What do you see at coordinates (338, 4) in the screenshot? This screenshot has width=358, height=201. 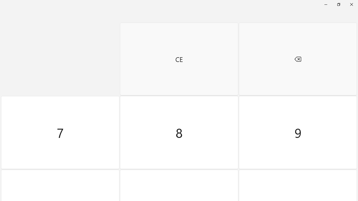 I see `'Restore Calculator'` at bounding box center [338, 4].